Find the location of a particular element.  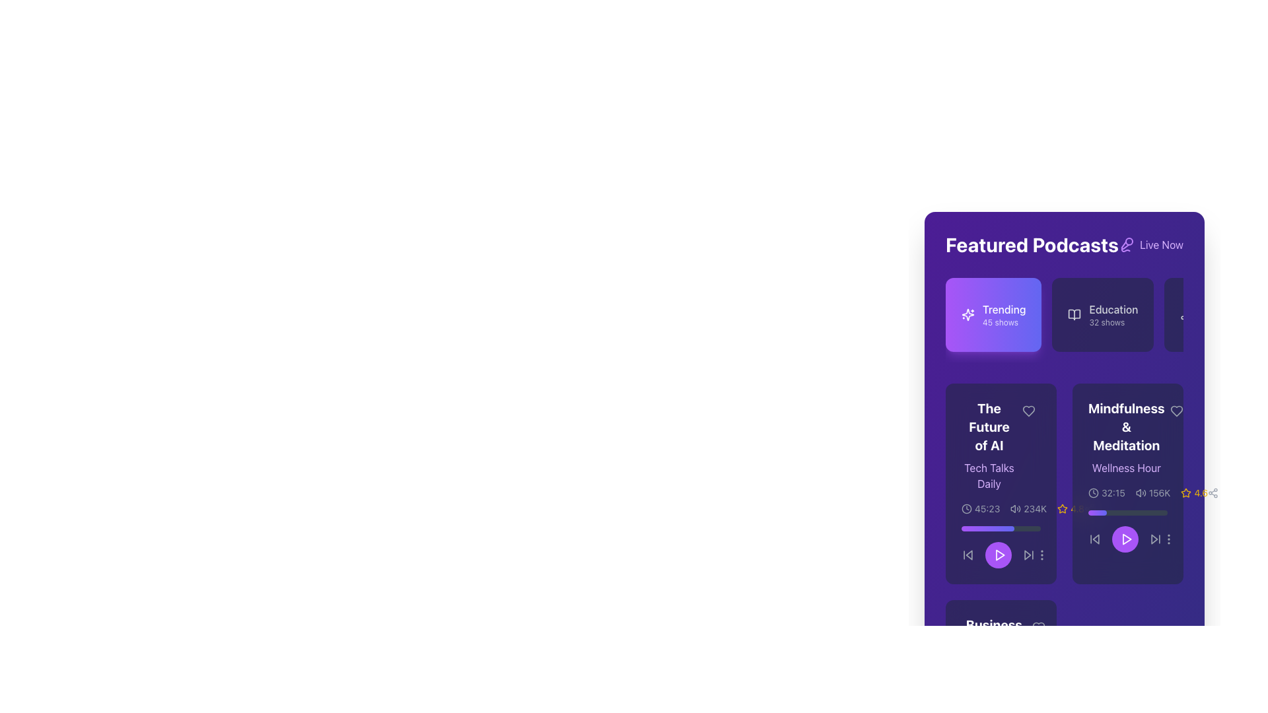

the progress visually by focusing on the progress indicator bar within 'The Future of AI' podcast card, which is located horizontally below the descriptive text and above the playback controls is located at coordinates (988, 528).